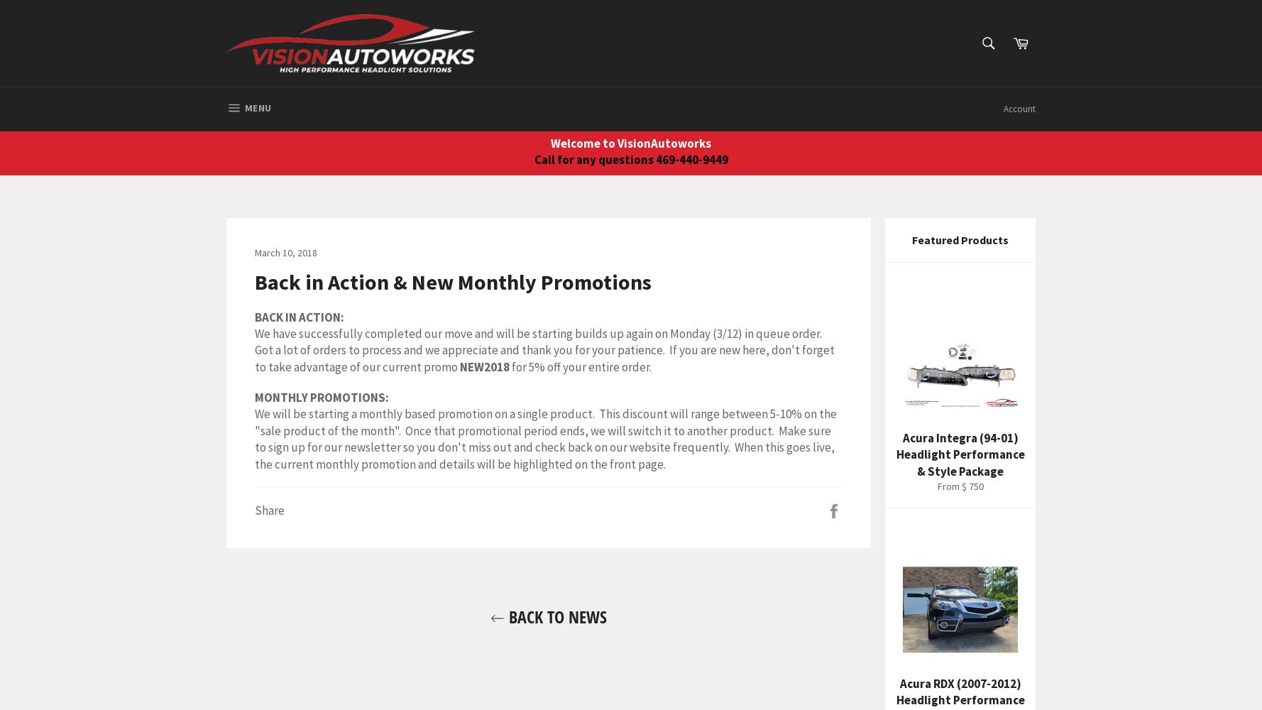 The image size is (1262, 710). What do you see at coordinates (460, 366) in the screenshot?
I see `'NEW2018'` at bounding box center [460, 366].